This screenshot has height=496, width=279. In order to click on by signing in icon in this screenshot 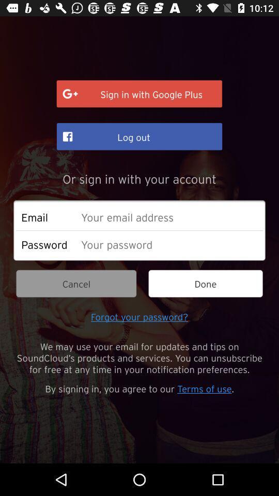, I will do `click(139, 388)`.